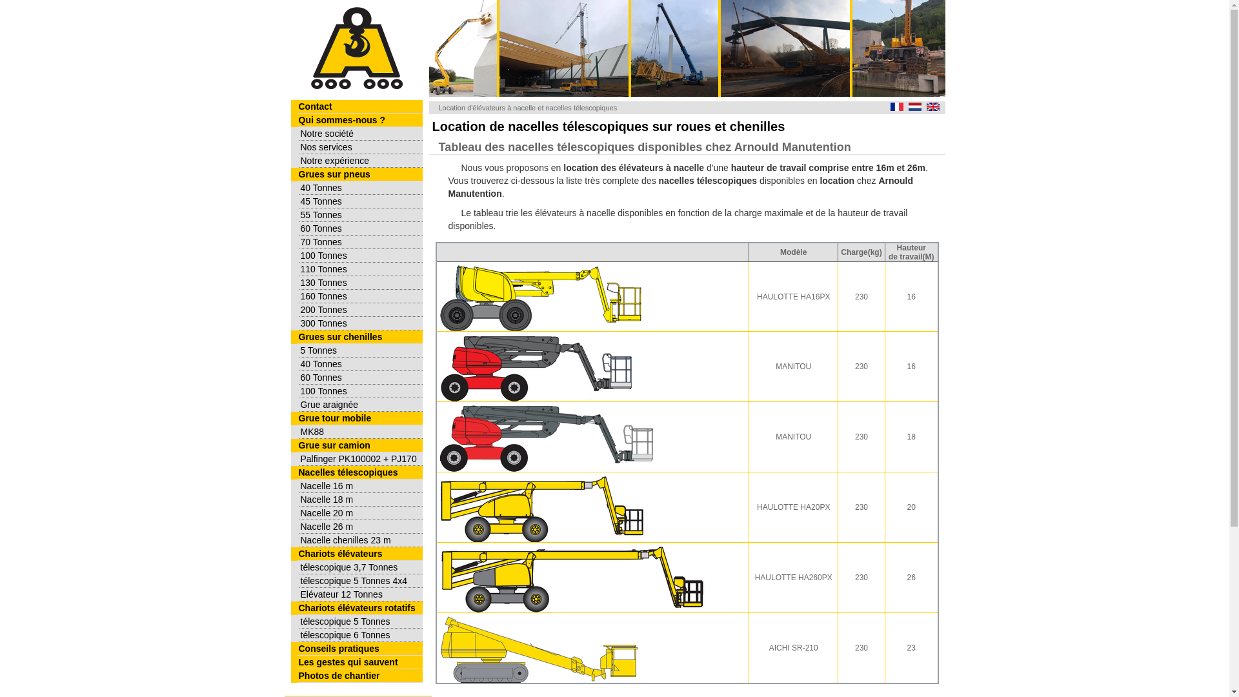  I want to click on '160 Tonnes', so click(361, 296).